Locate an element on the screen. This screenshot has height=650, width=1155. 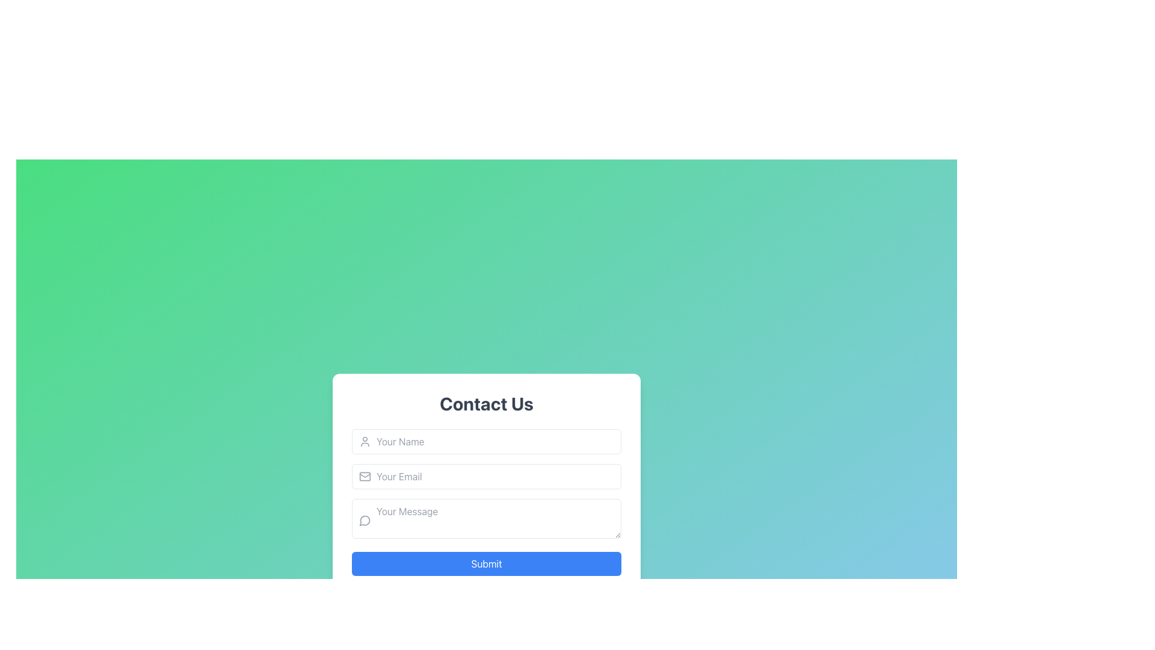
the mail icon resembling a classic envelope located inside the 'Your Email' input field, positioned near the left edge and slightly above the vertical centerline is located at coordinates (364, 475).